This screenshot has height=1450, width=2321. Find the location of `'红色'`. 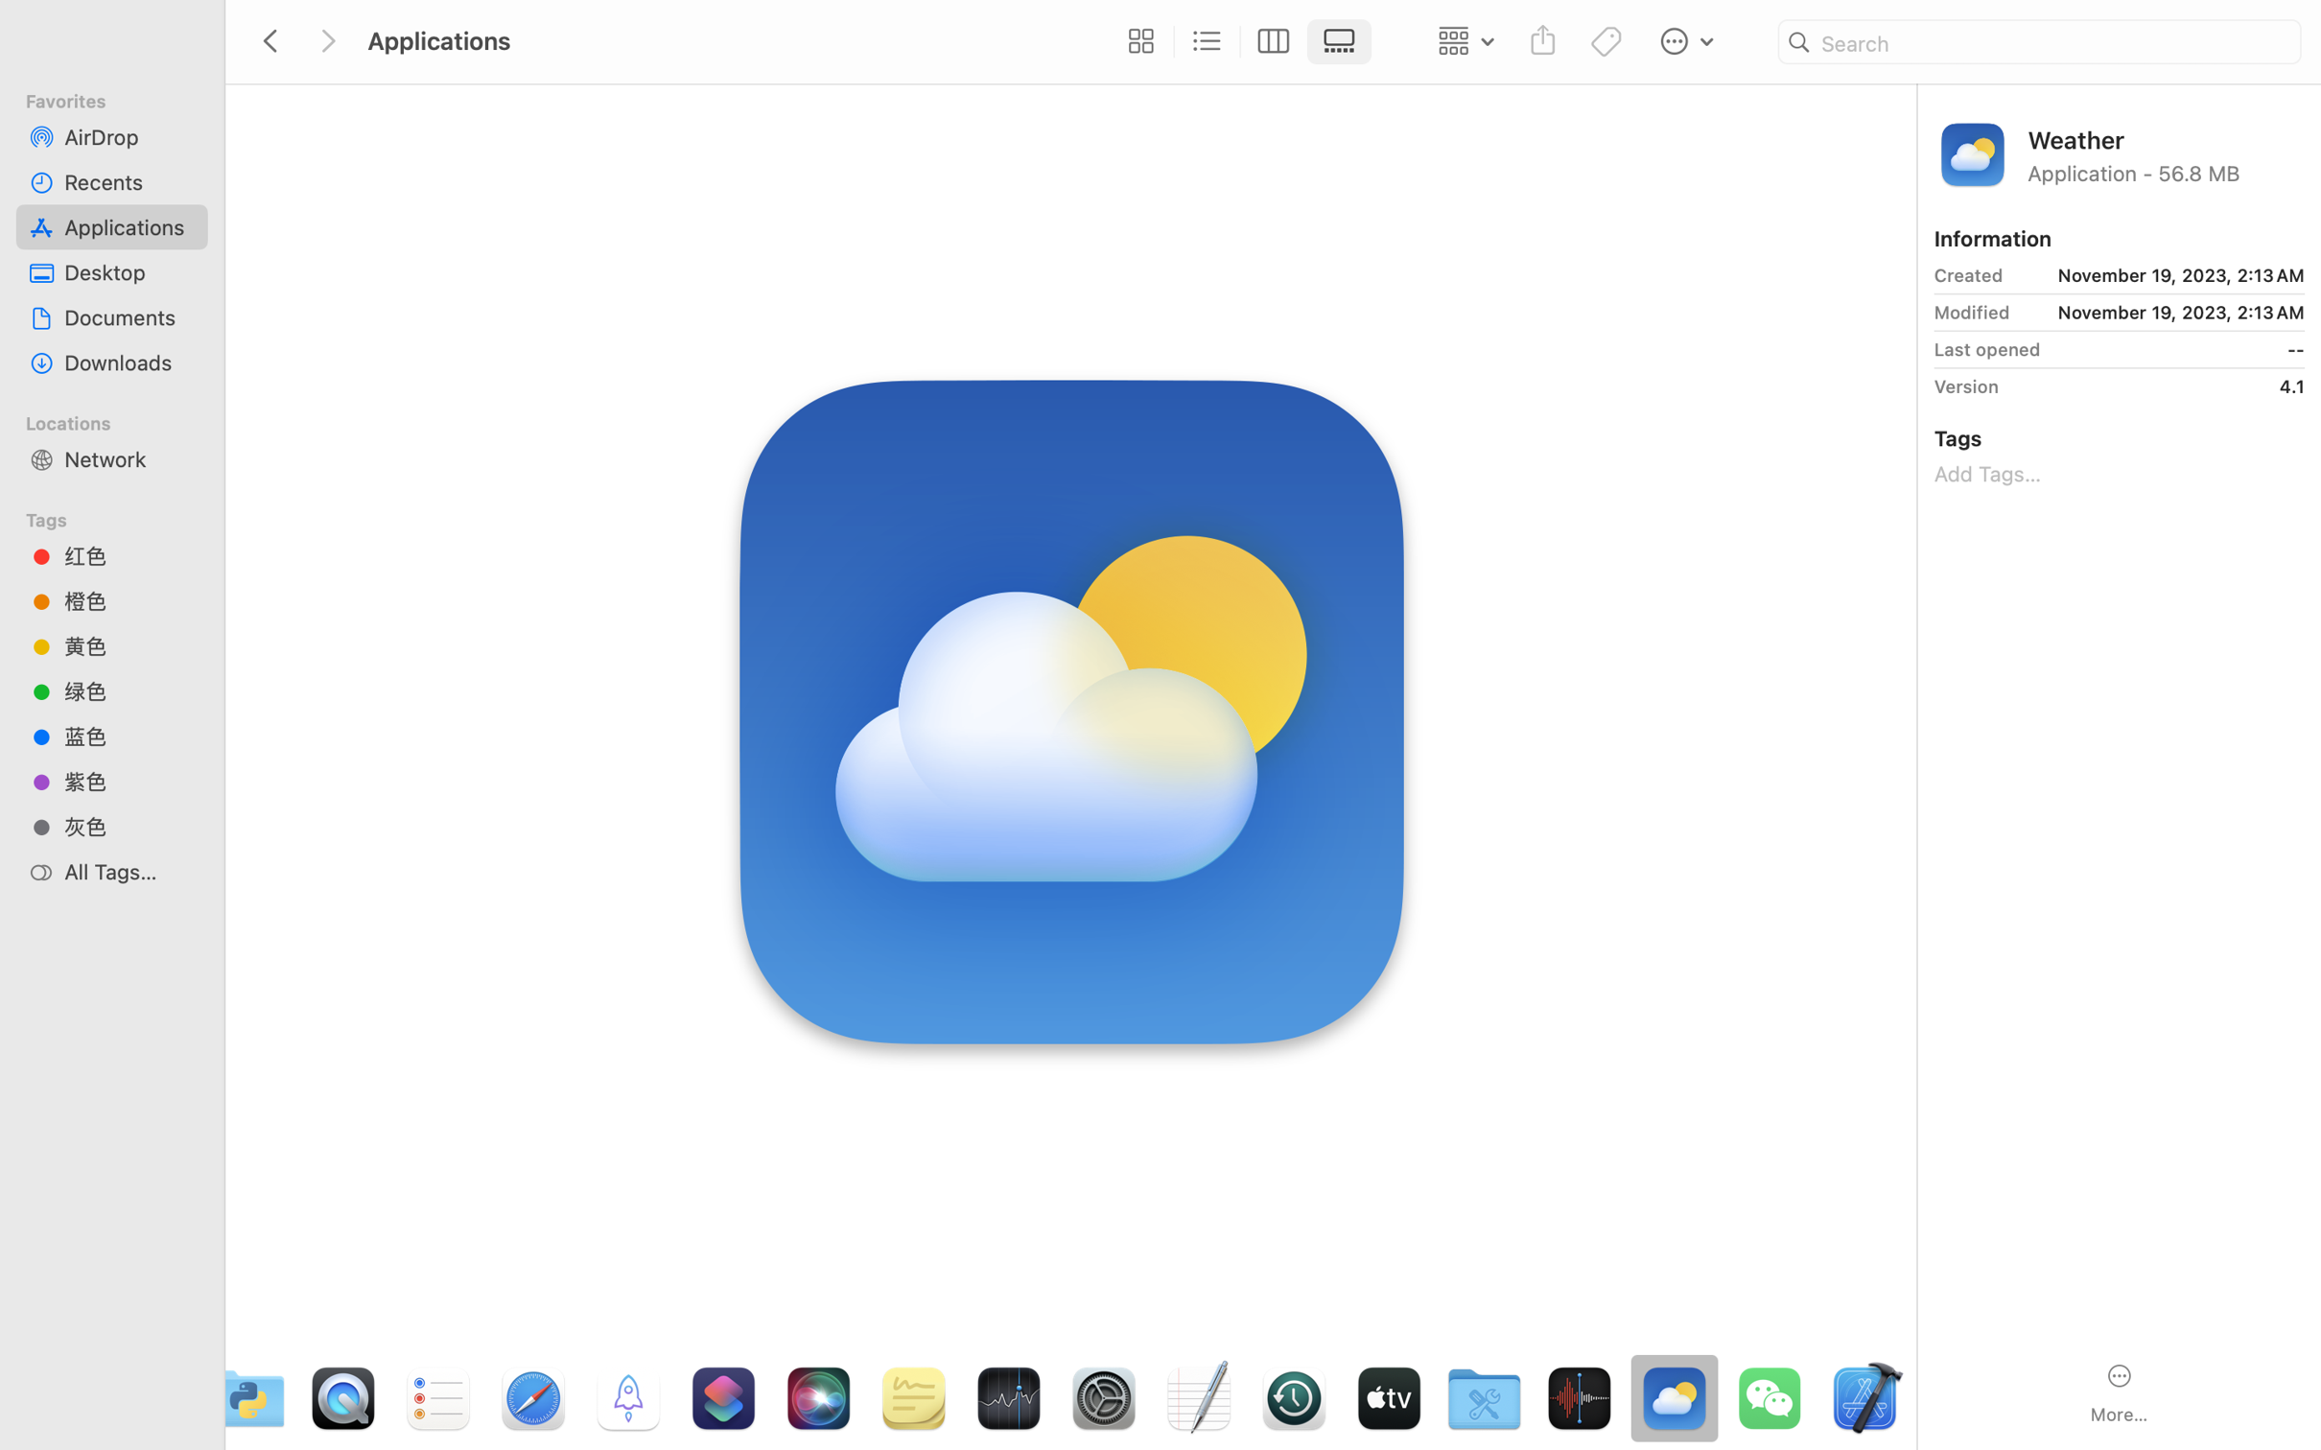

'红色' is located at coordinates (129, 554).